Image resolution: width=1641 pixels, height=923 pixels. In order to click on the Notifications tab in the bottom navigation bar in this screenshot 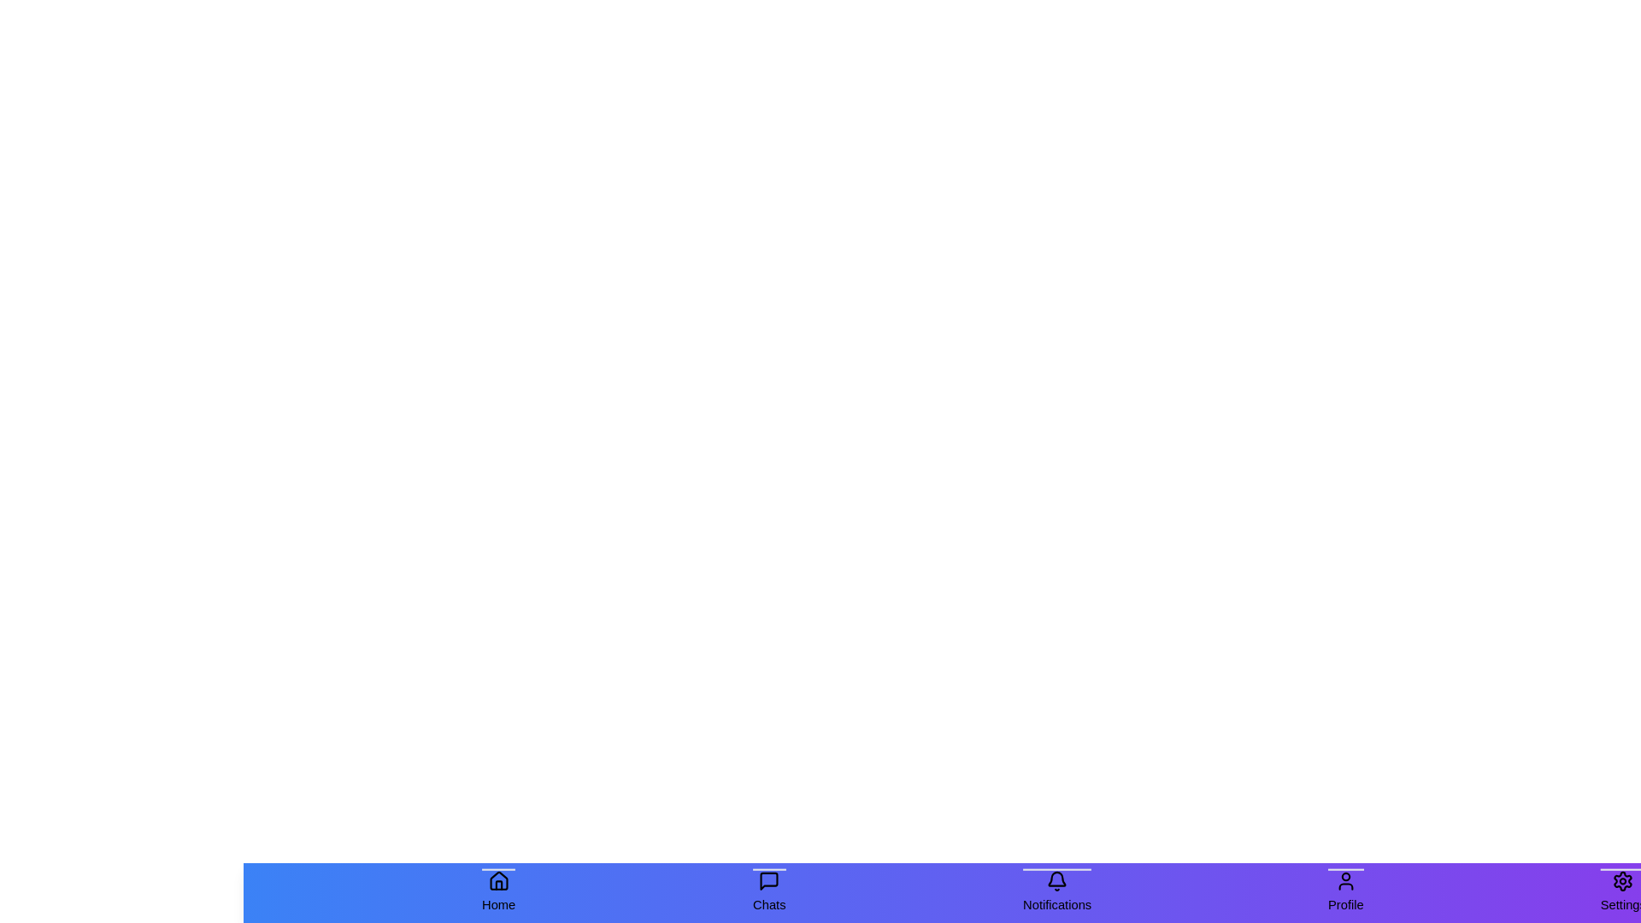, I will do `click(1056, 892)`.